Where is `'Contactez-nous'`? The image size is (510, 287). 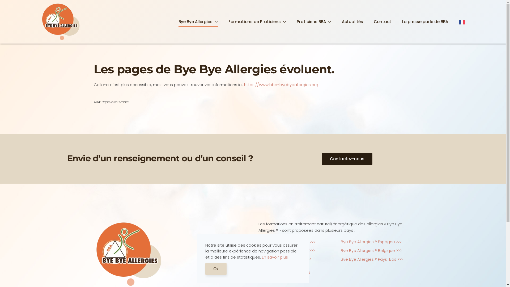 'Contactez-nous' is located at coordinates (347, 158).